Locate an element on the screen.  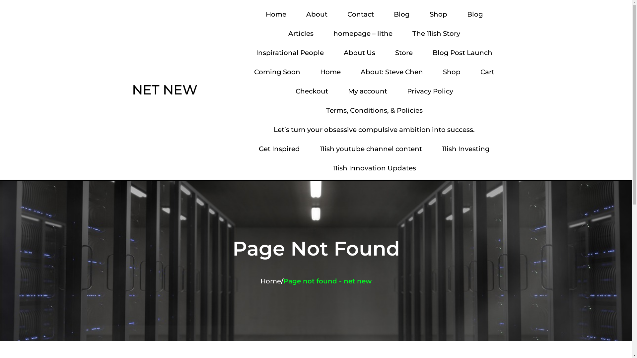
'My account' is located at coordinates (367, 91).